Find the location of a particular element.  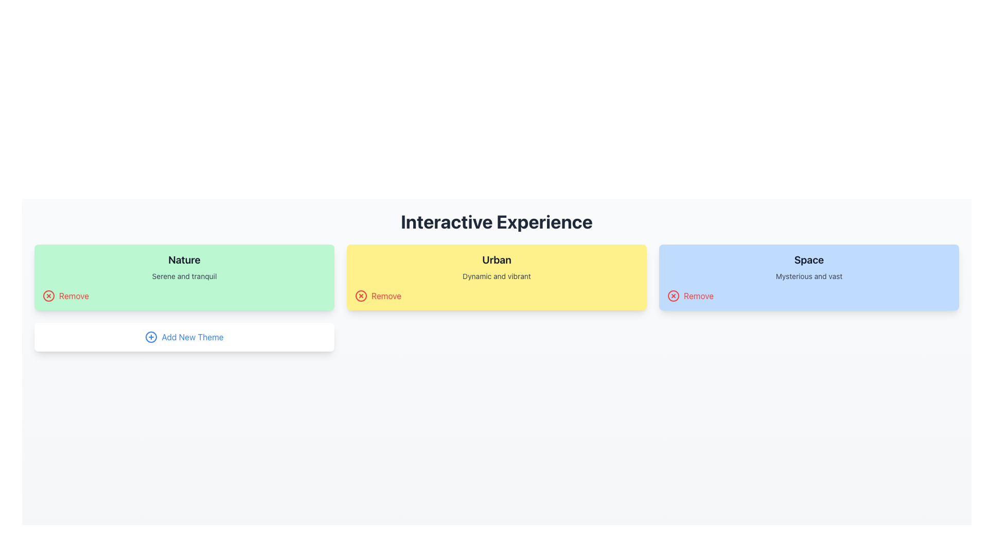

the text label displaying 'Urban', which is styled with a bold font on a yellow rectangular background, located in the middle card of three horizontally arranged cards is located at coordinates (497, 259).